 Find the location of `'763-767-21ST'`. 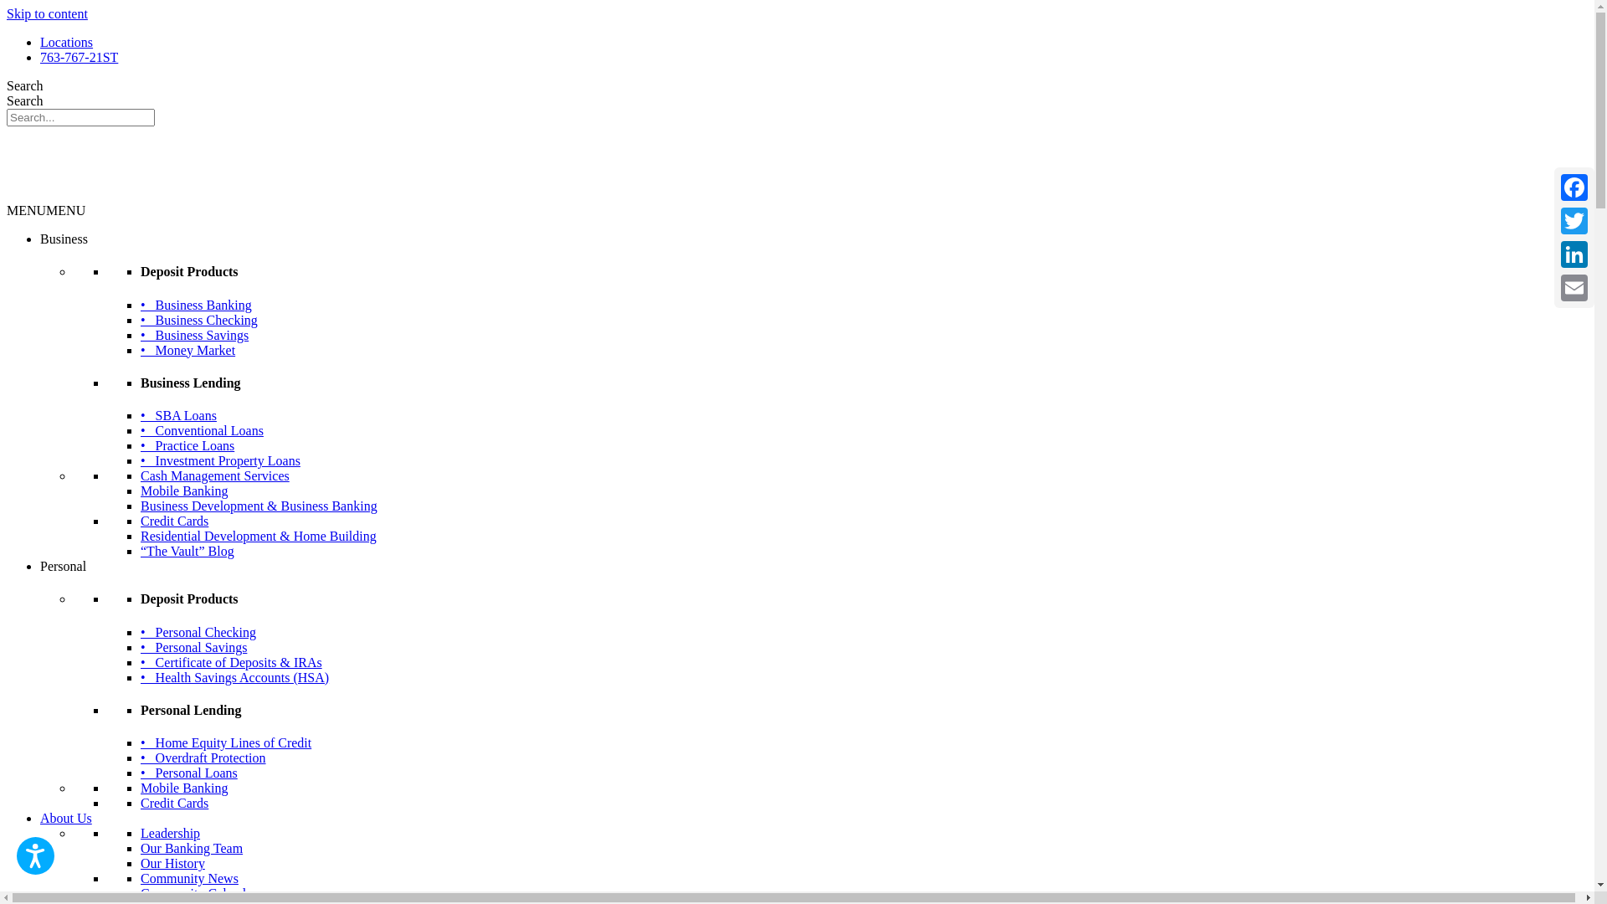

'763-767-21ST' is located at coordinates (78, 56).